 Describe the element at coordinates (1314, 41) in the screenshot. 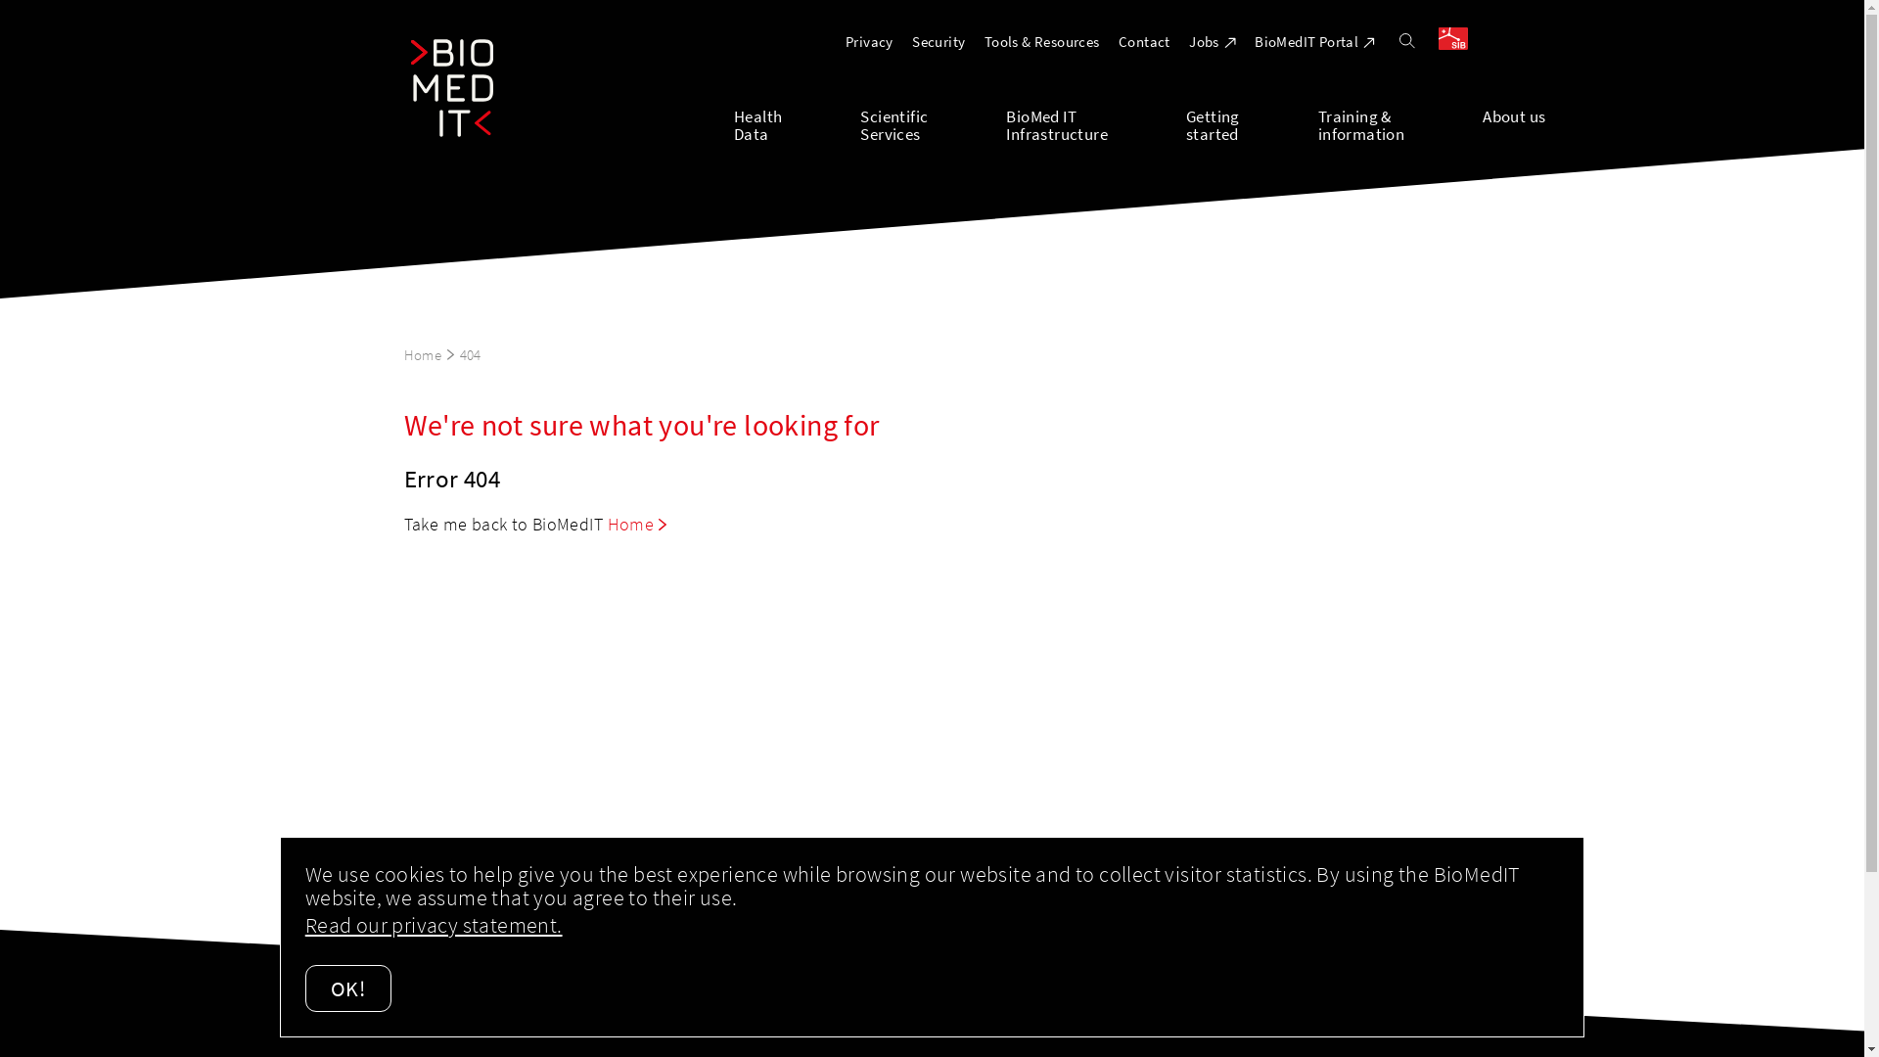

I see `'BioMedIT Portal'` at that location.